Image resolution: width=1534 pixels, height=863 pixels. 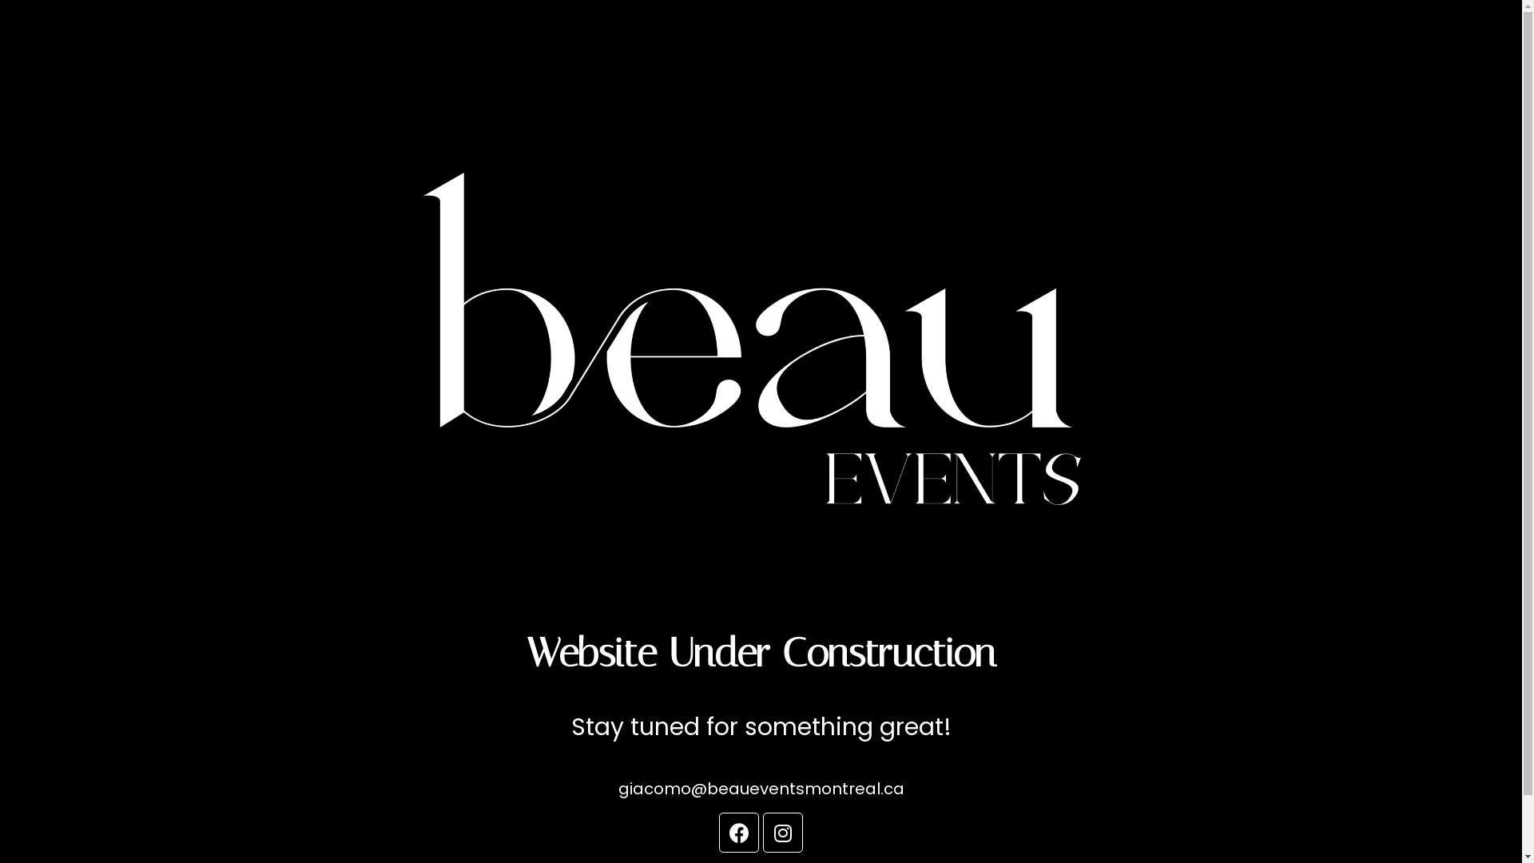 I want to click on 'giacomo@beaueventsmontreal.ca', so click(x=761, y=788).